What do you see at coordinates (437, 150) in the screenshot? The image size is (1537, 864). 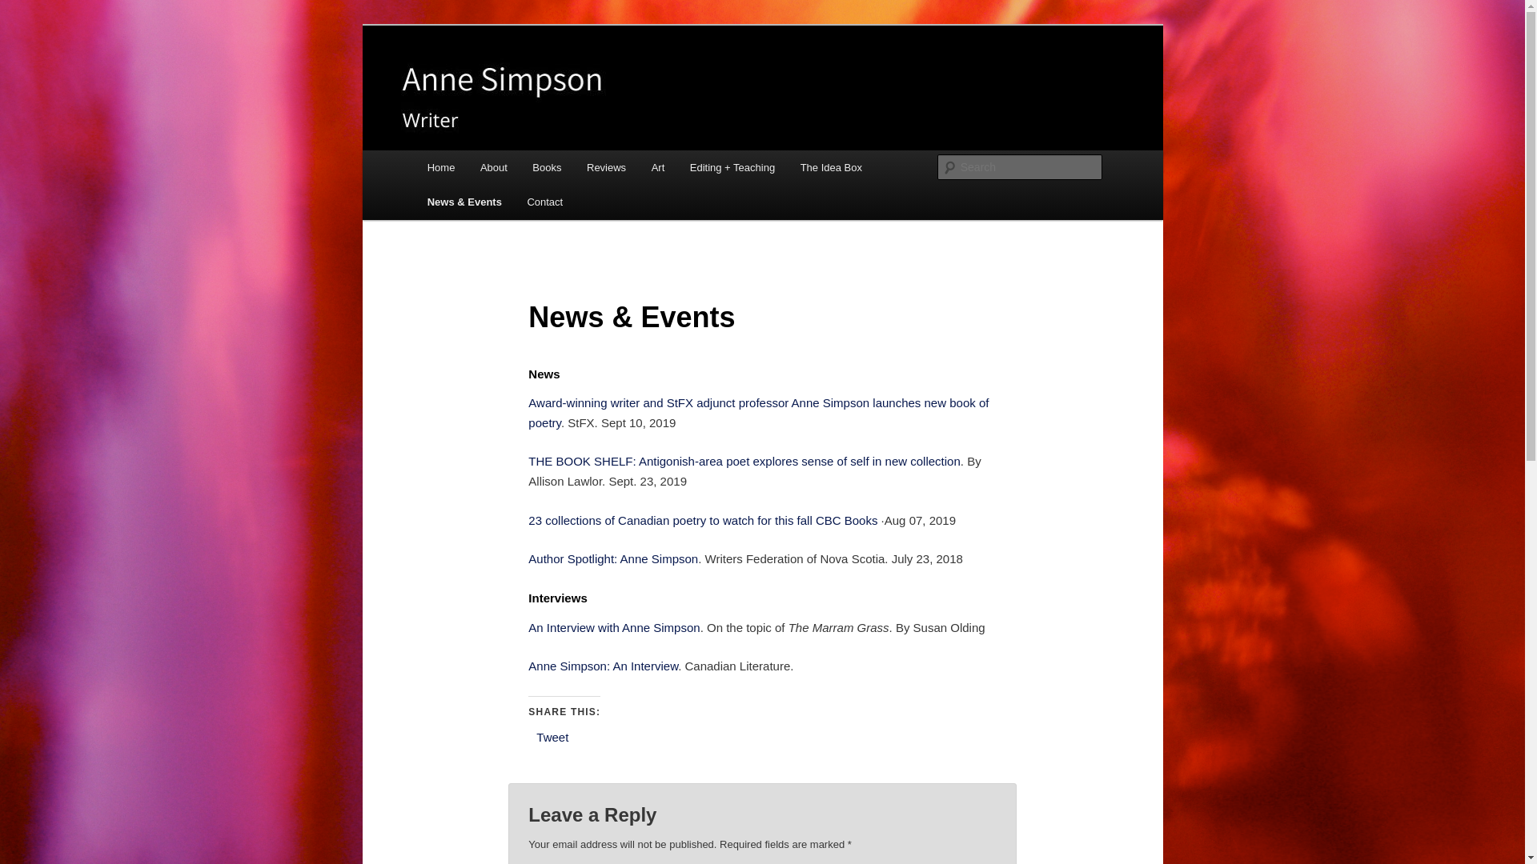 I see `'Skip to primary content'` at bounding box center [437, 150].